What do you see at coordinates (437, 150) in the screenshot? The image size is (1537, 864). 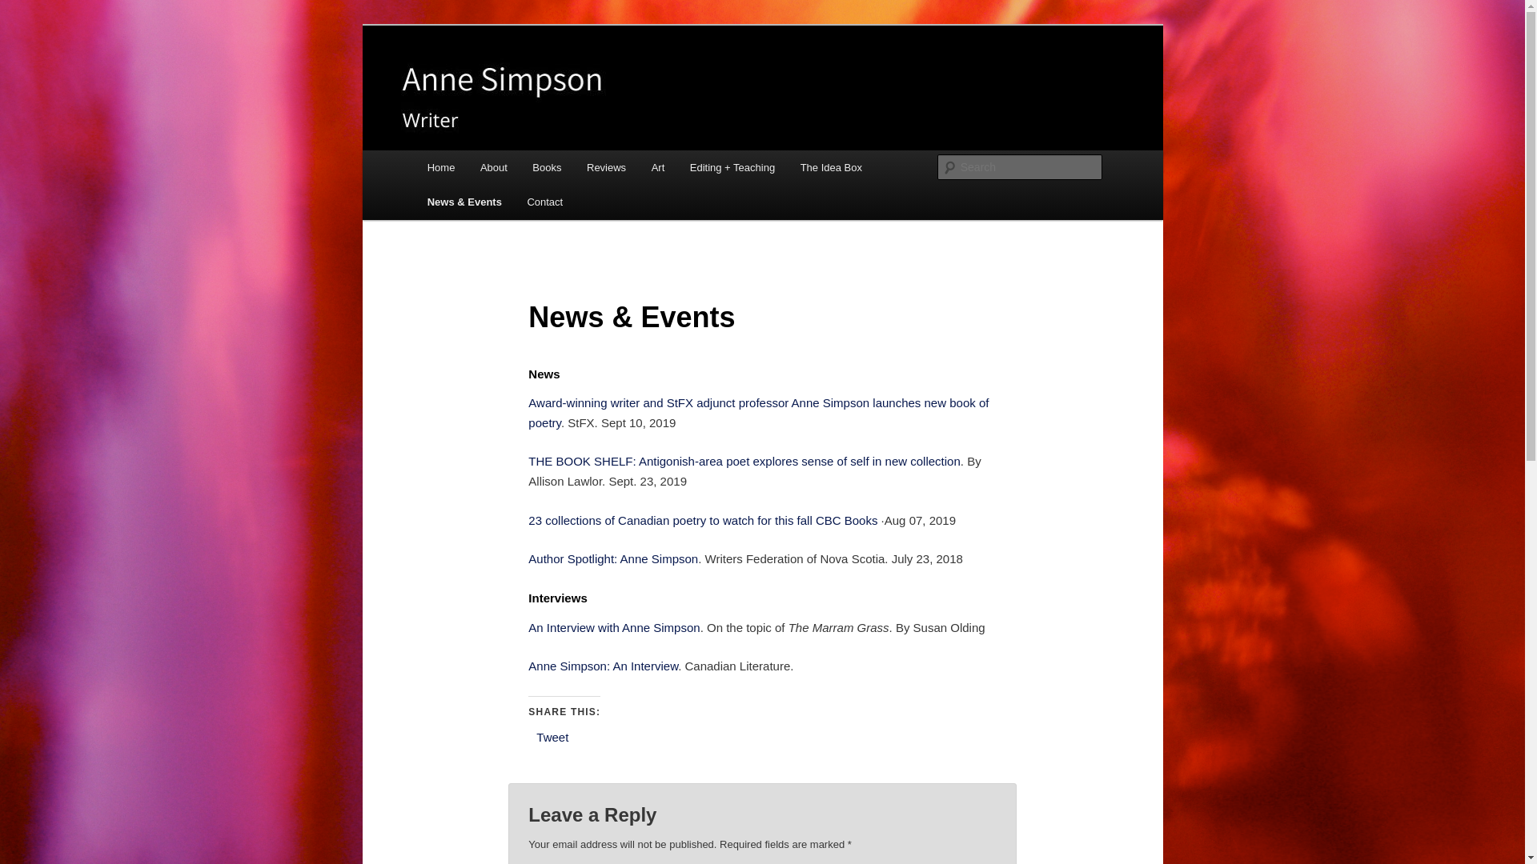 I see `'Skip to primary content'` at bounding box center [437, 150].